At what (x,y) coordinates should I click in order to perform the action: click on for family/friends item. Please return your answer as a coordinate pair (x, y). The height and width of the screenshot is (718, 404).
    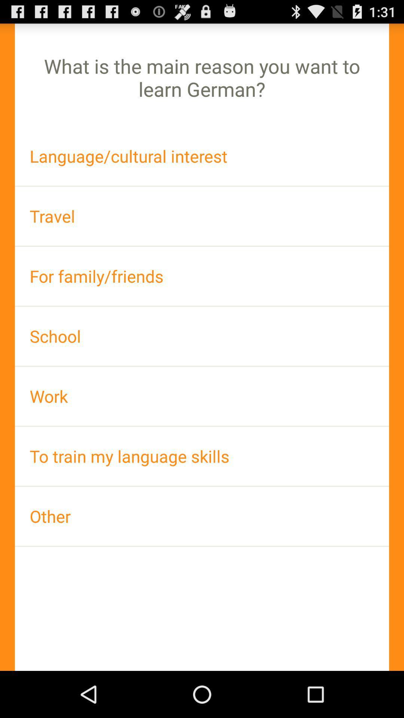
    Looking at the image, I should click on (202, 276).